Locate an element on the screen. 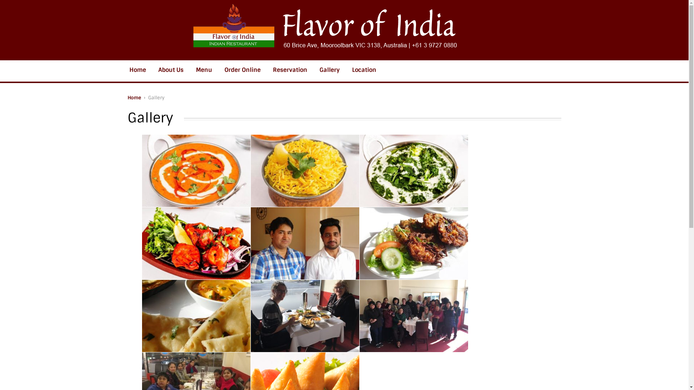 This screenshot has width=694, height=390. 'Home' is located at coordinates (127, 97).